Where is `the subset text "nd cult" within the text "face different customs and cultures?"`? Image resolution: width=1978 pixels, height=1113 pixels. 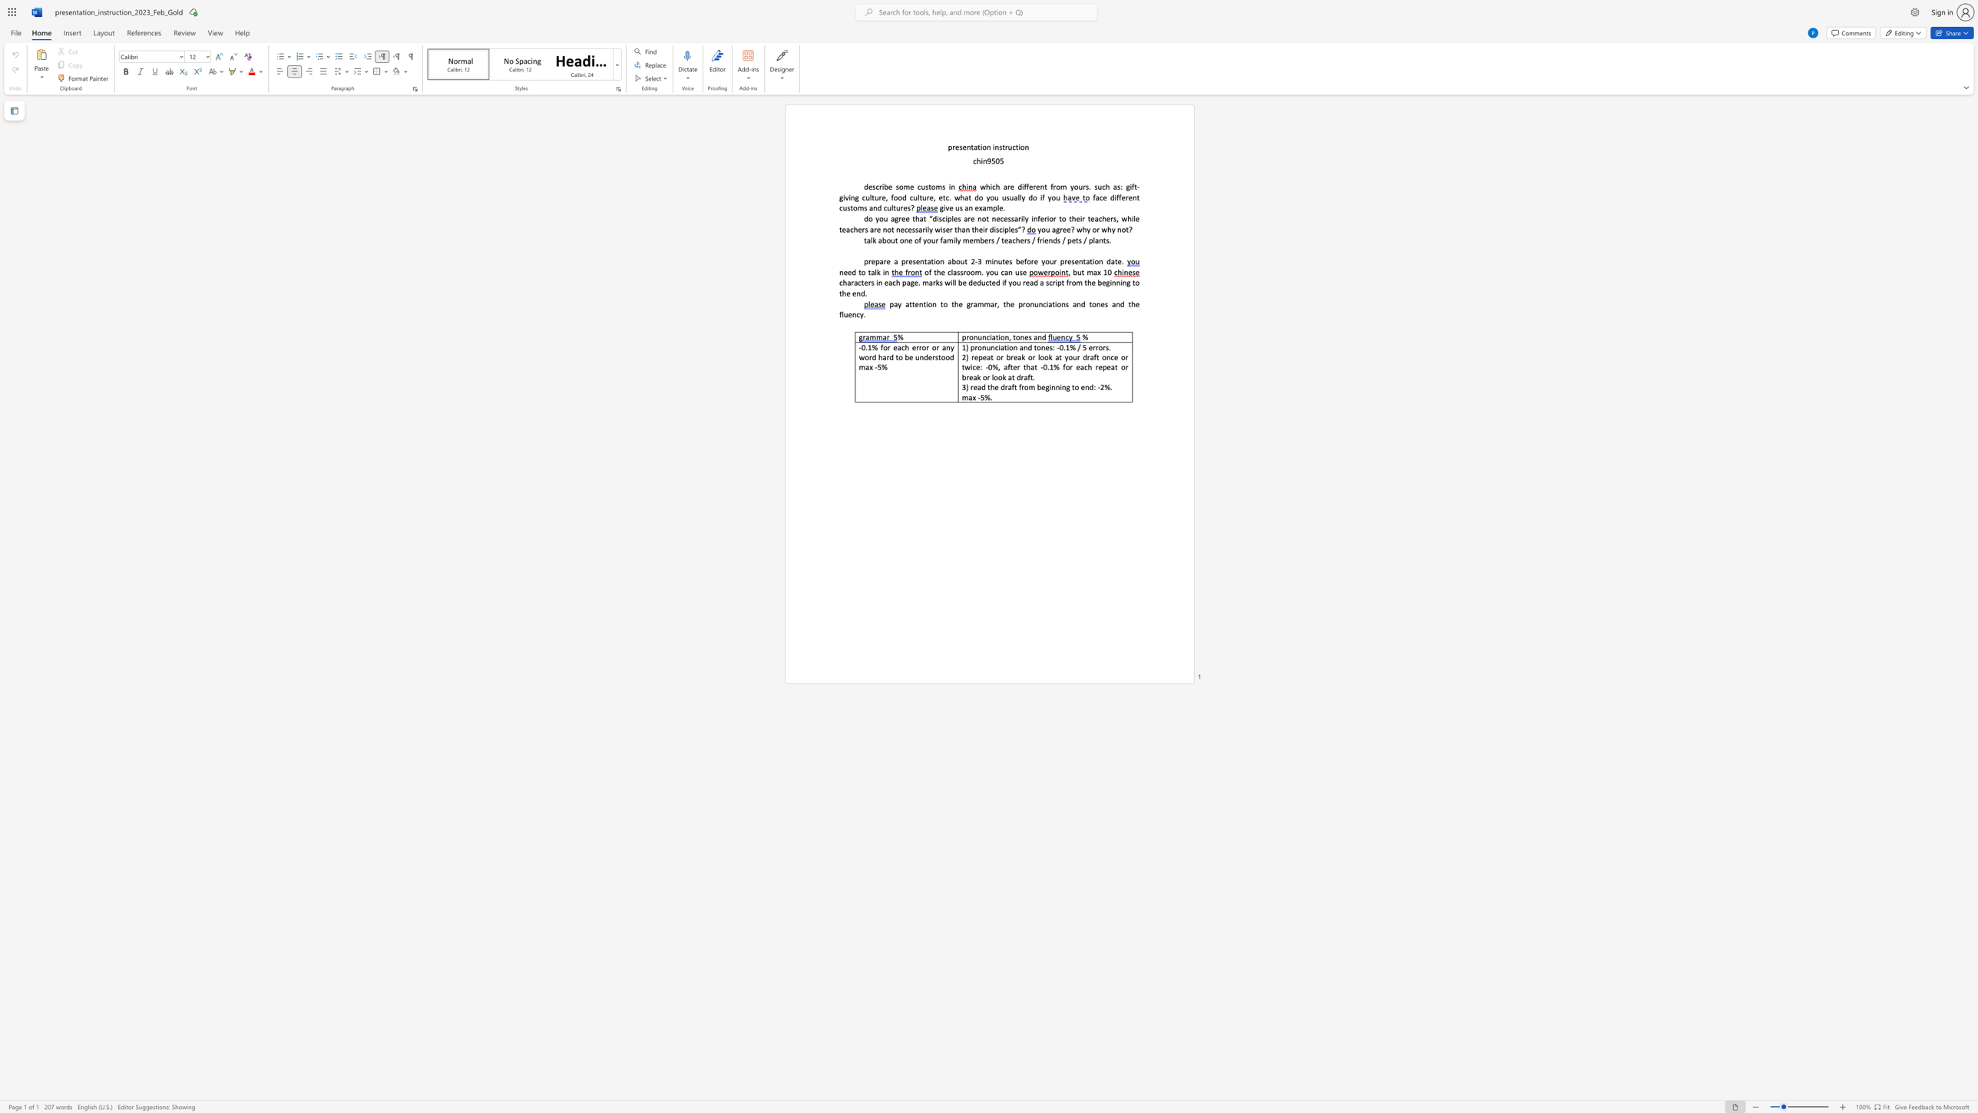
the subset text "nd cult" within the text "face different customs and cultures?" is located at coordinates (872, 207).